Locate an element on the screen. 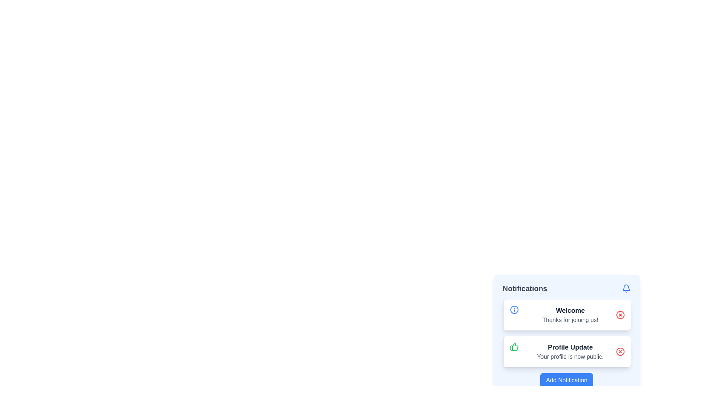  the green thumbs-up icon next to the 'Profile Update' text in the second notification card is located at coordinates (514, 346).